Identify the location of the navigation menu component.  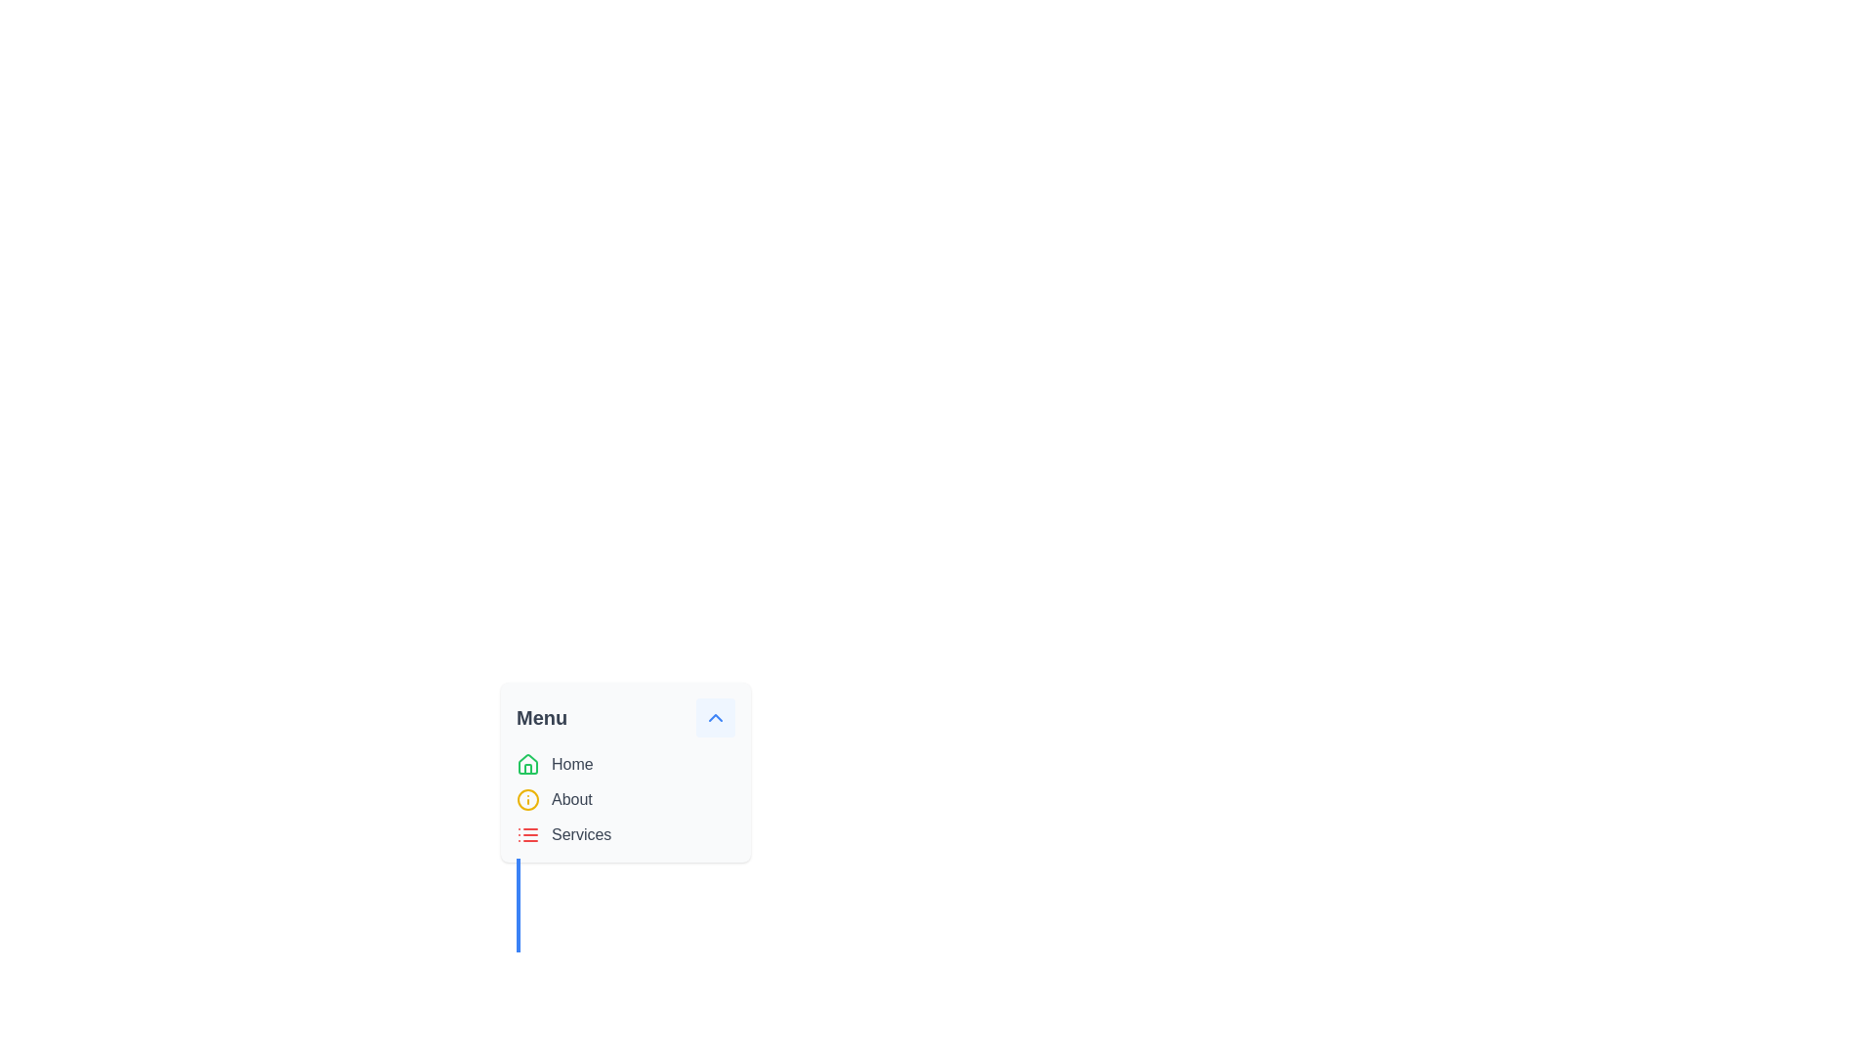
(696, 826).